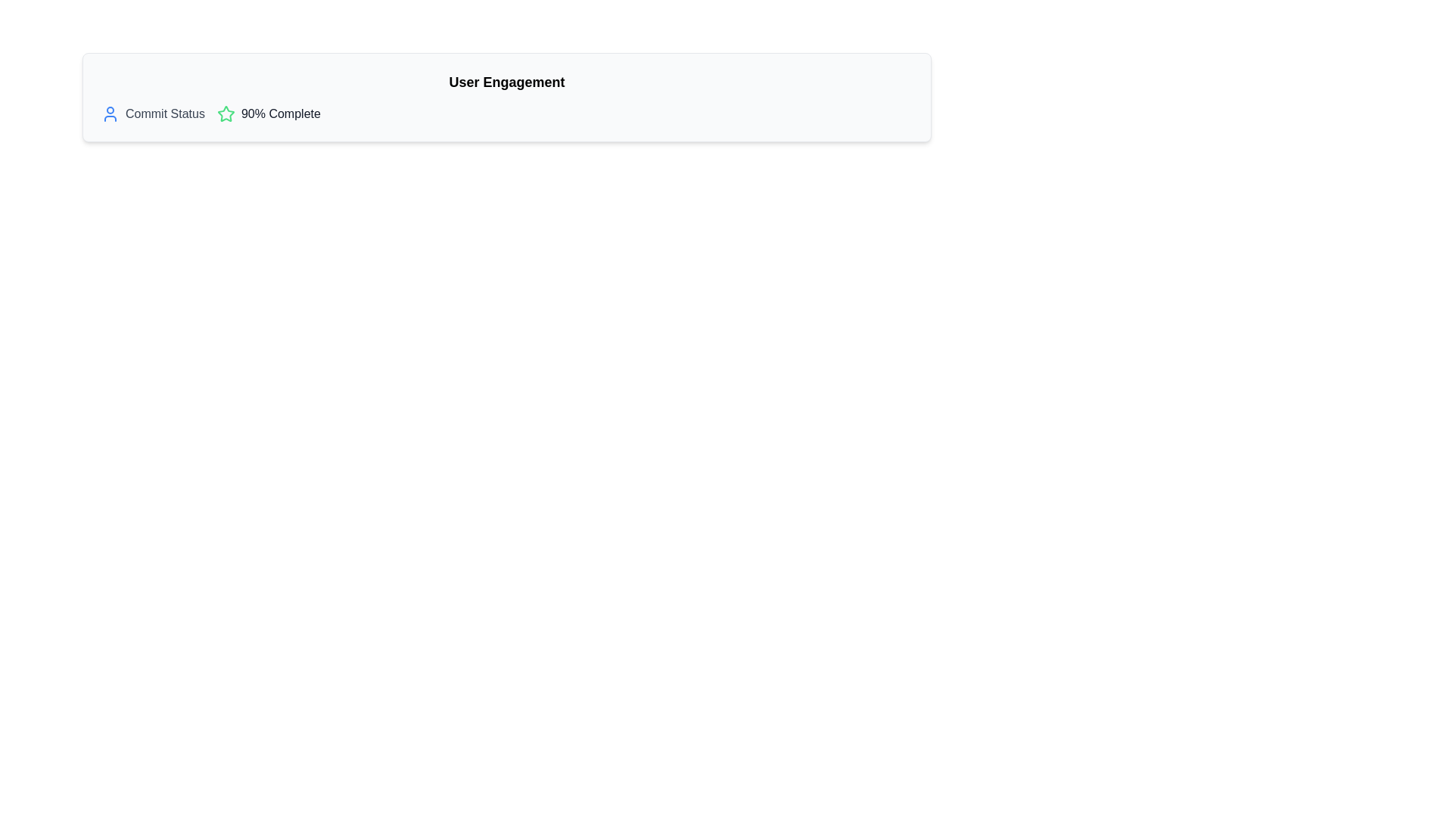 The image size is (1453, 817). I want to click on the progress status element that shows a 90% completion level, located to the right of the 'Commit Status' label, so click(269, 113).